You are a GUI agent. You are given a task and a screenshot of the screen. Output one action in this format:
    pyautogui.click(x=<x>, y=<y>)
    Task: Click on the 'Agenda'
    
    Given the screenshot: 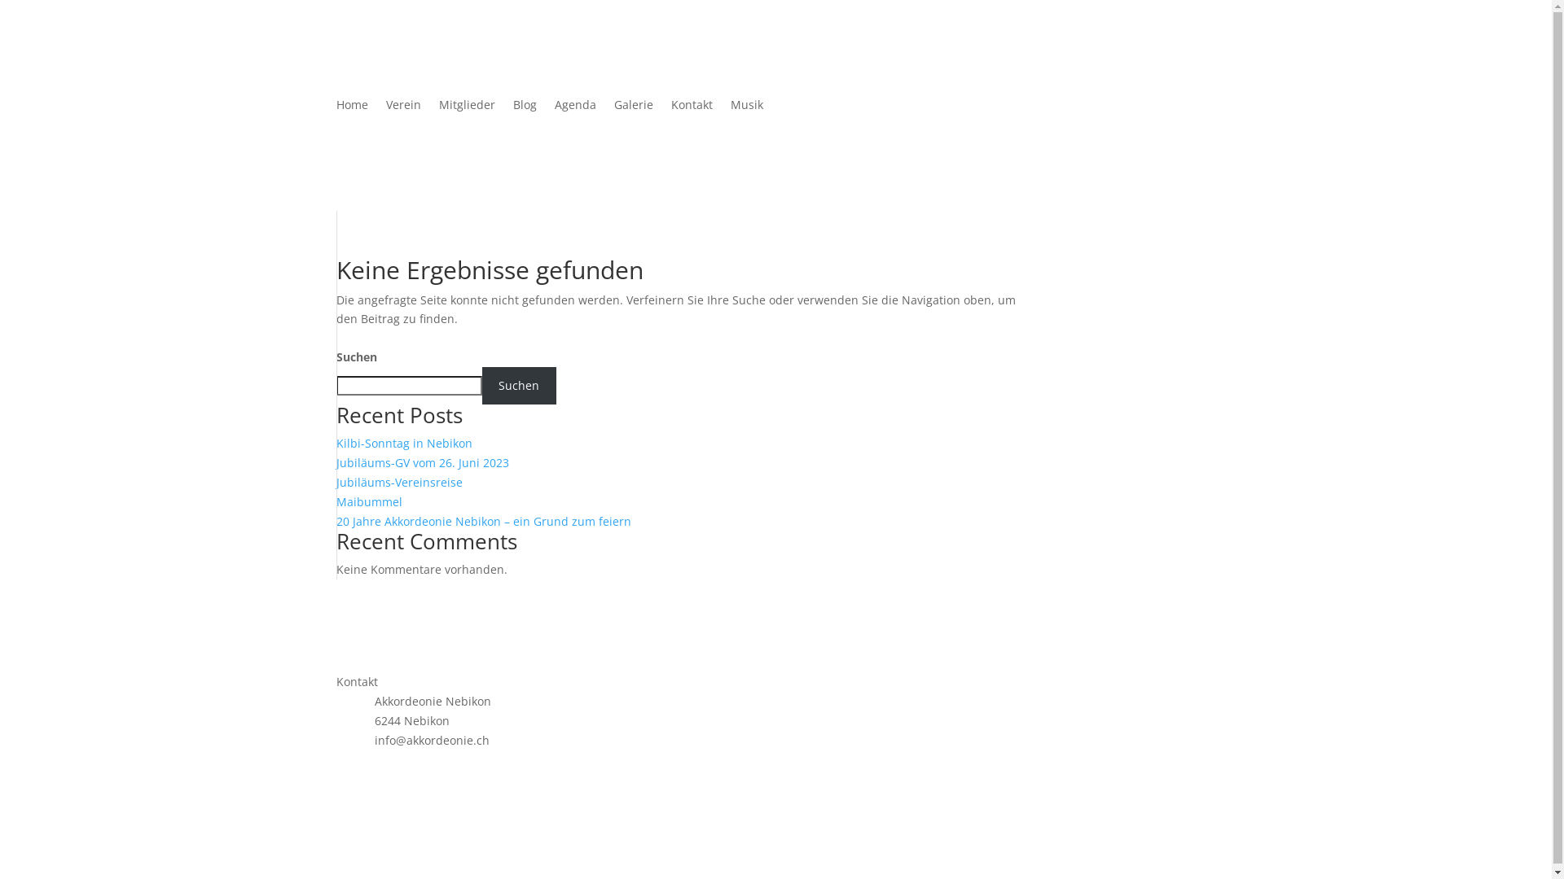 What is the action you would take?
    pyautogui.click(x=574, y=107)
    